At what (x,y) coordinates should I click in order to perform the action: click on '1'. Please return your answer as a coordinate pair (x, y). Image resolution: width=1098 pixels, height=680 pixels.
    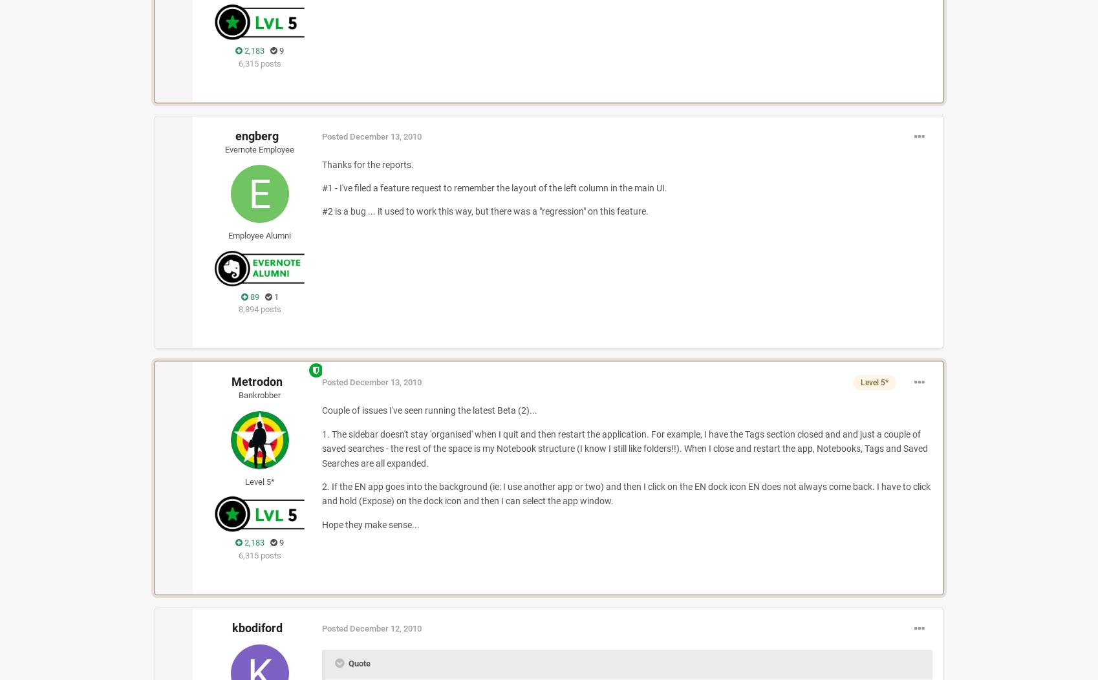
    Looking at the image, I should click on (274, 296).